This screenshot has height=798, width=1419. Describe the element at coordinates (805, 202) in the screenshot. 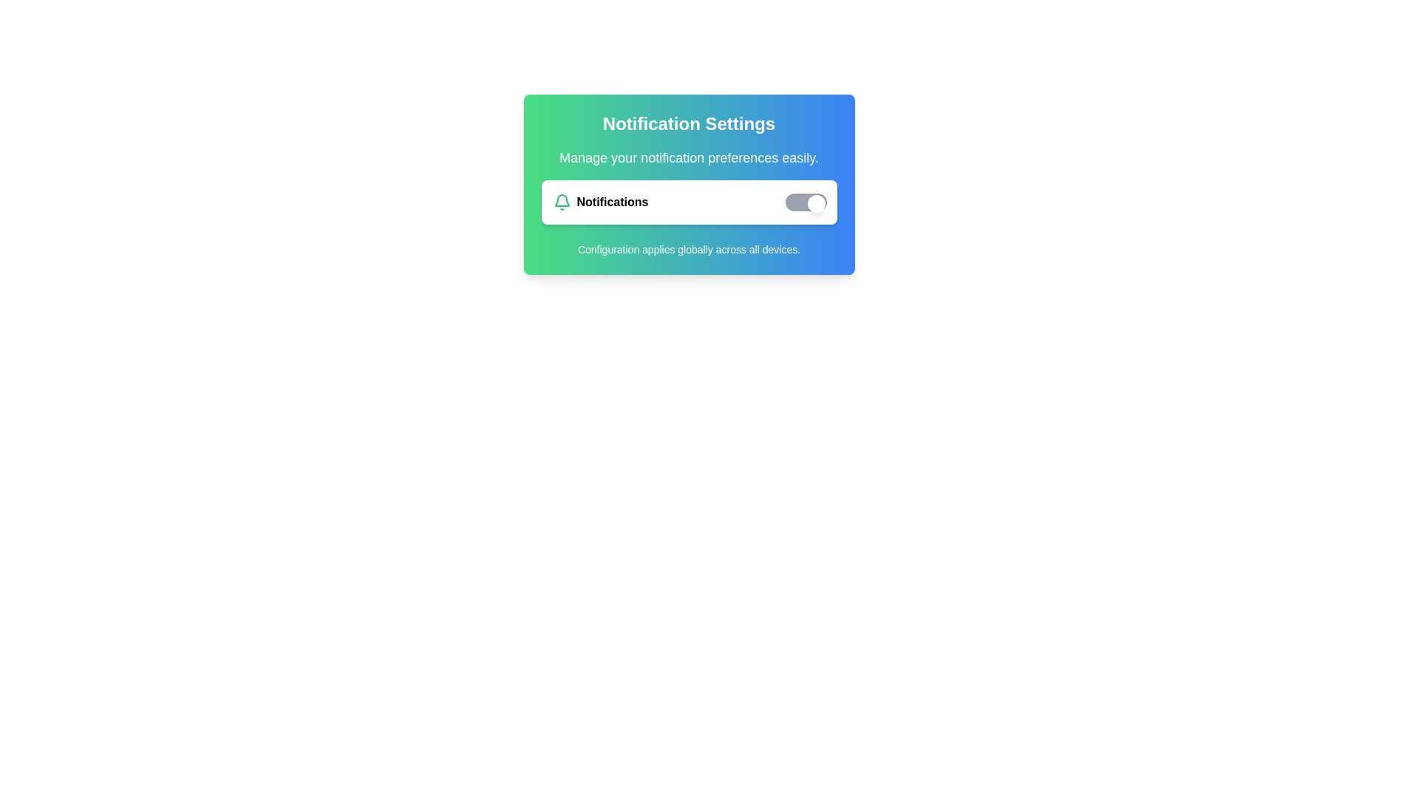

I see `the light gray rectangular toggle switch background with rounded ends in the notification settings card, located to the right of the 'Notifications' label and icon` at that location.